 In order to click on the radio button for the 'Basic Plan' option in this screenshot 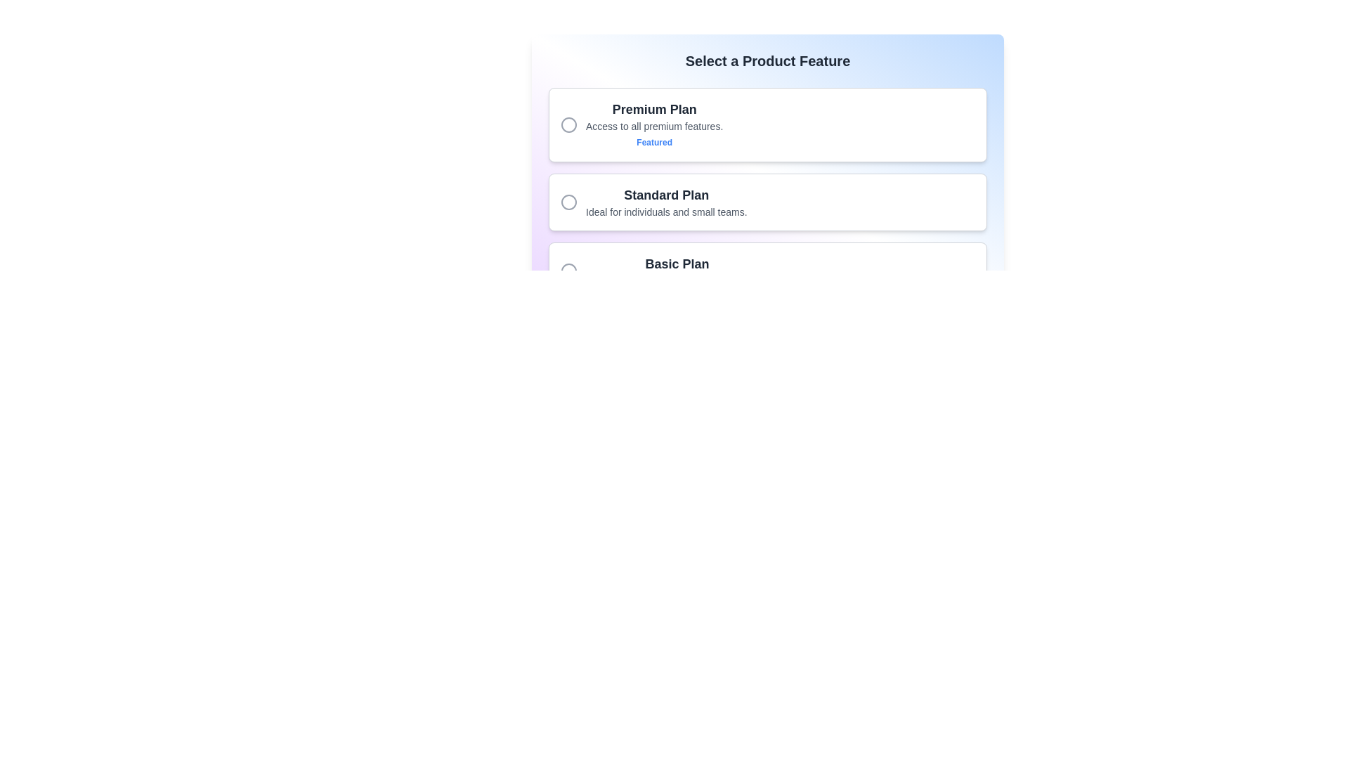, I will do `click(569, 271)`.